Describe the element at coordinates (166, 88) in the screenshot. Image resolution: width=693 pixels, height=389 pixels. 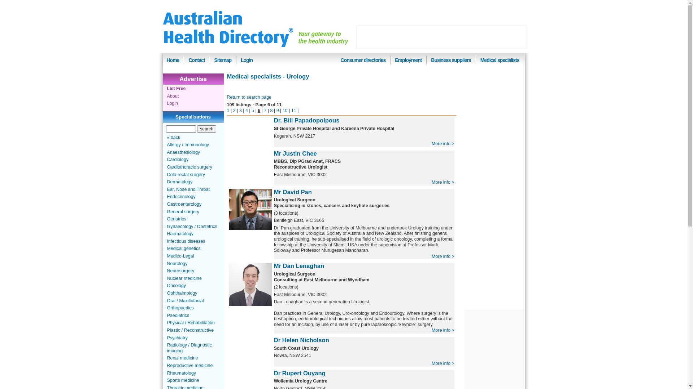
I see `'List Free'` at that location.